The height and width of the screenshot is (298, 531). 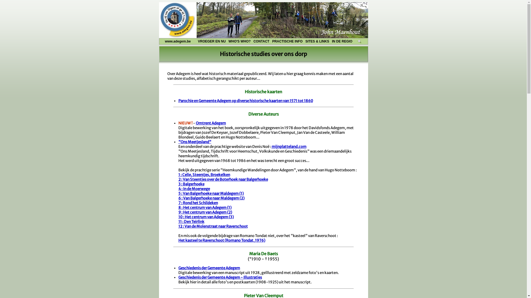 I want to click on '2 : Van Steentjes over de Boterhoek naar Balgerhoeke', so click(x=223, y=179).